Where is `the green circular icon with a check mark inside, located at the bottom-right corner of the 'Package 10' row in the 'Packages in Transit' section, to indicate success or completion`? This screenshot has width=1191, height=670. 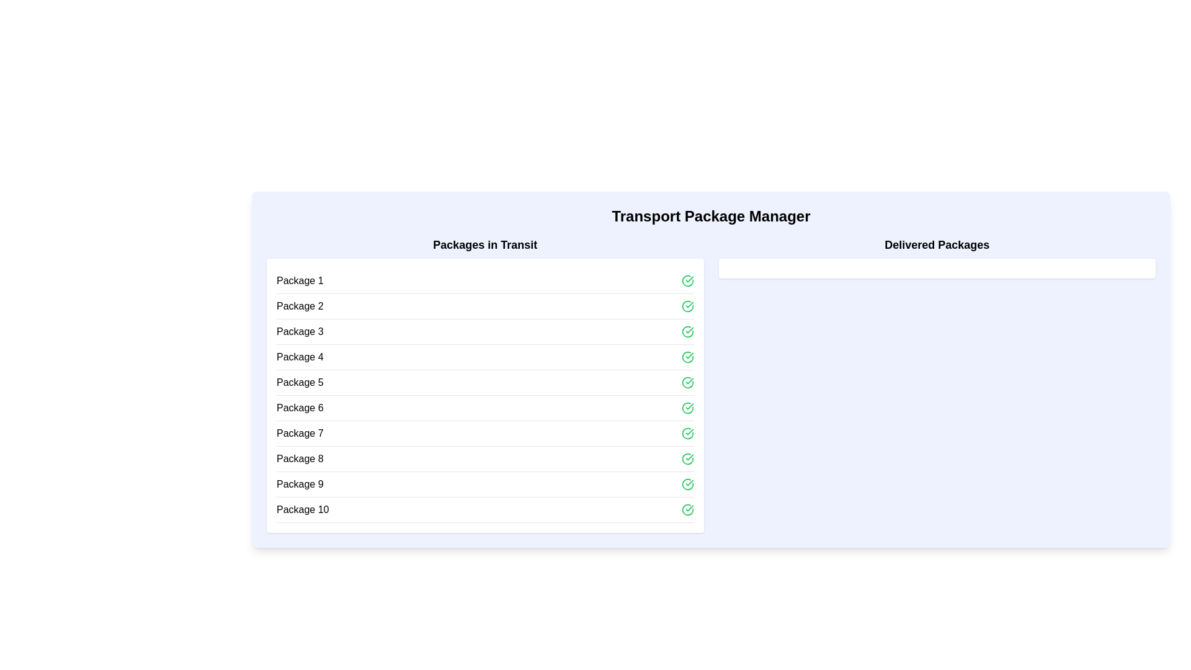 the green circular icon with a check mark inside, located at the bottom-right corner of the 'Package 10' row in the 'Packages in Transit' section, to indicate success or completion is located at coordinates (687, 509).